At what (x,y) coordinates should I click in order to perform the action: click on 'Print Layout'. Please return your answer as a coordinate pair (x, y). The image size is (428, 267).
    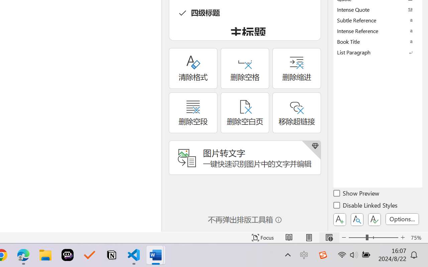
    Looking at the image, I should click on (309, 237).